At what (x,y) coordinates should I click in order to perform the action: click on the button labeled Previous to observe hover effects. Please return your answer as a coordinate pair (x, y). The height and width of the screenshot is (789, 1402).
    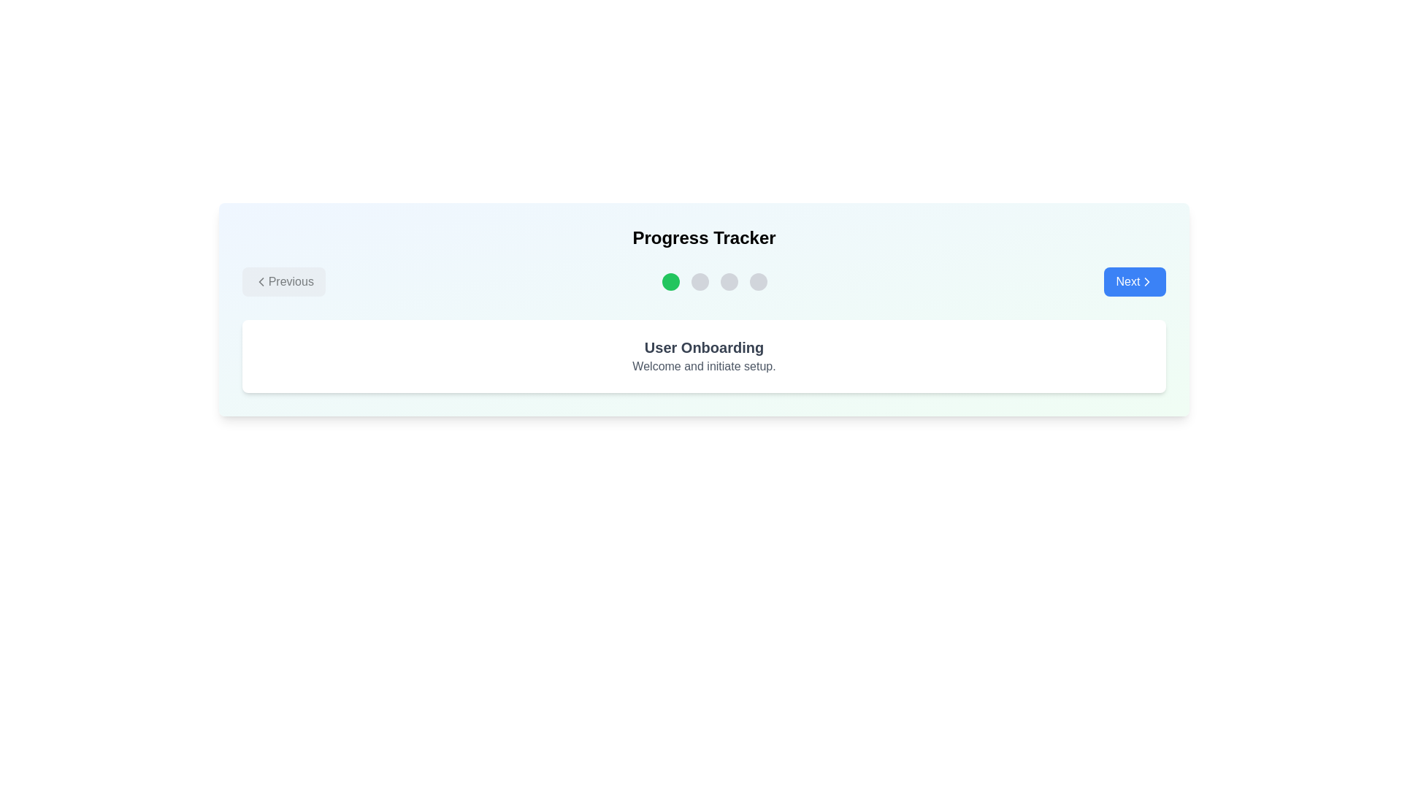
    Looking at the image, I should click on (283, 281).